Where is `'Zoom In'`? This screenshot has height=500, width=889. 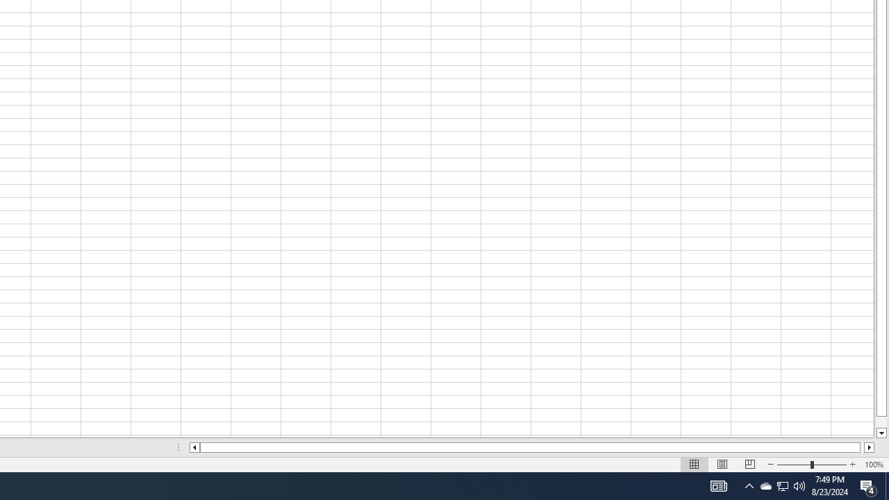 'Zoom In' is located at coordinates (851, 465).